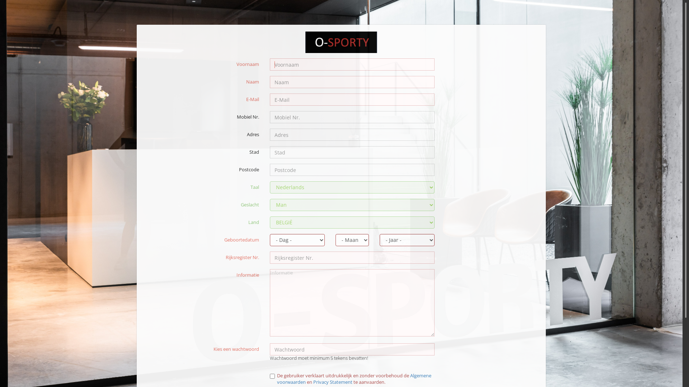 The width and height of the screenshot is (689, 387). I want to click on 'Algemene voorwaarden', so click(354, 378).